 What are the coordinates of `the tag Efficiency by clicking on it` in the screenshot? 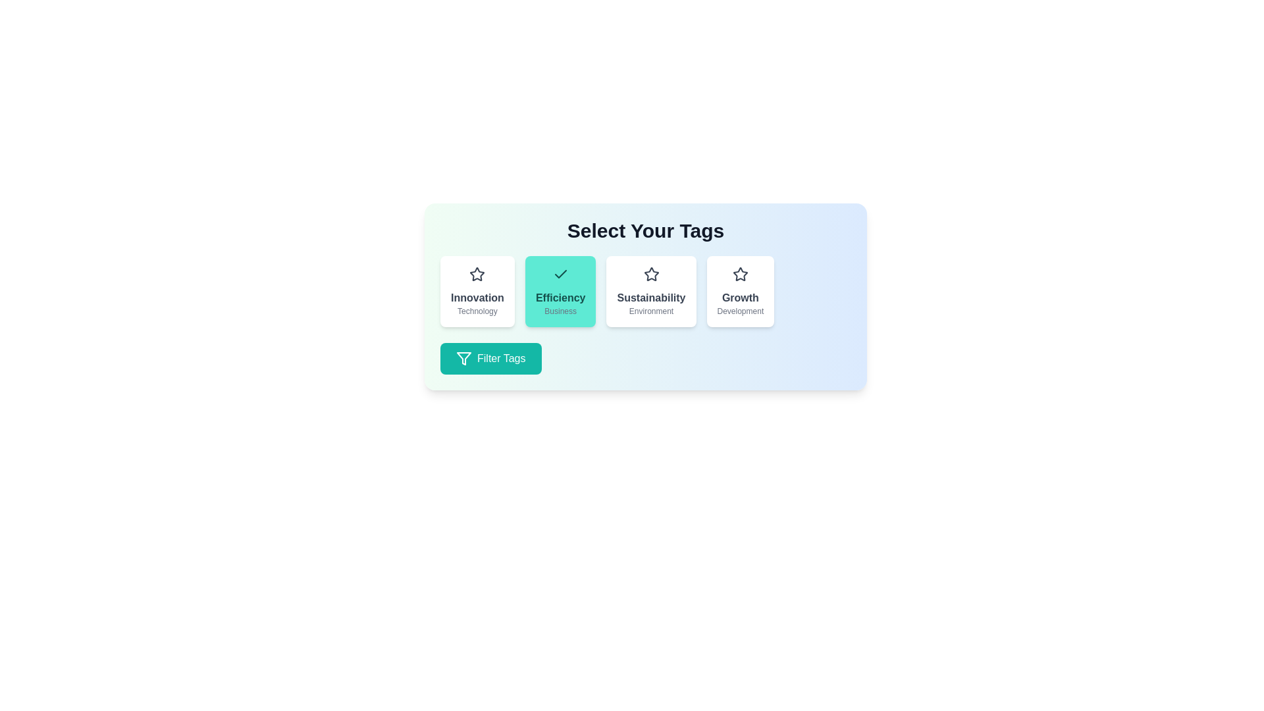 It's located at (560, 291).